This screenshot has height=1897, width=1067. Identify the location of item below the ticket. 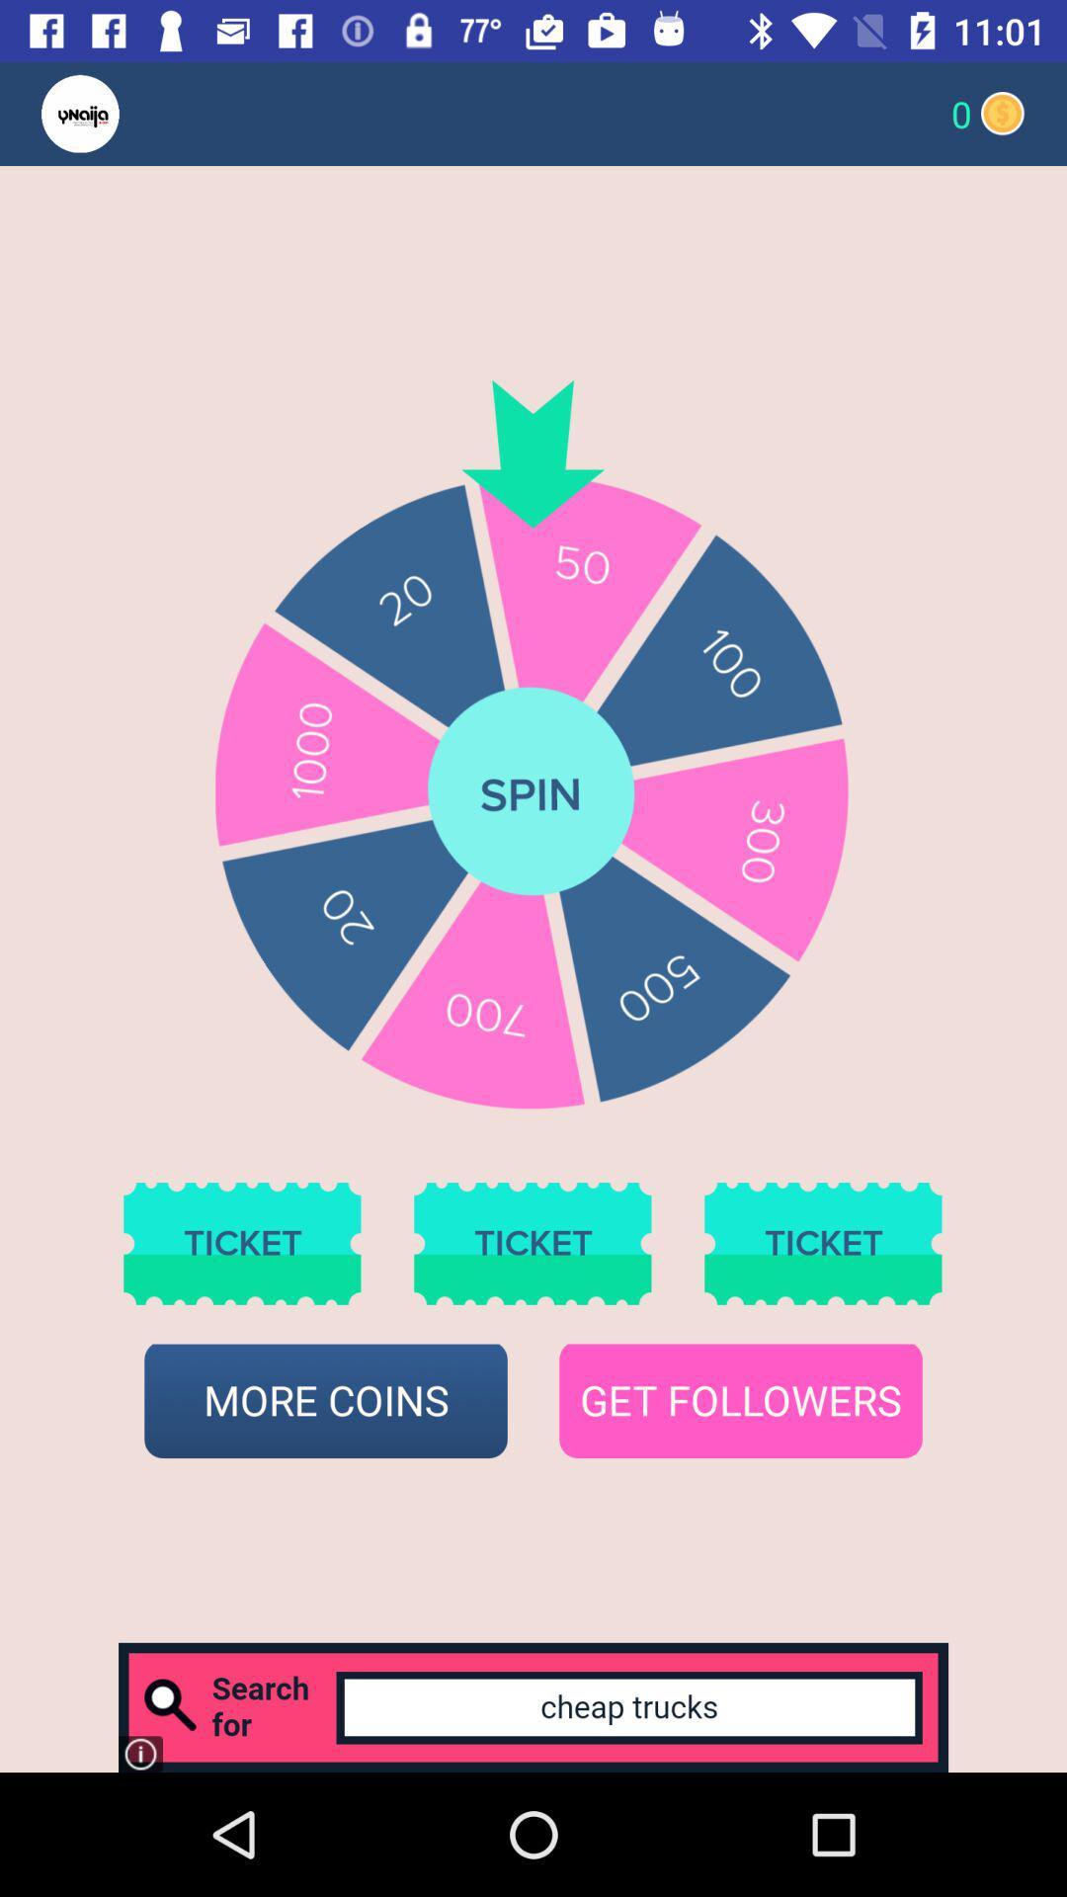
(325, 1400).